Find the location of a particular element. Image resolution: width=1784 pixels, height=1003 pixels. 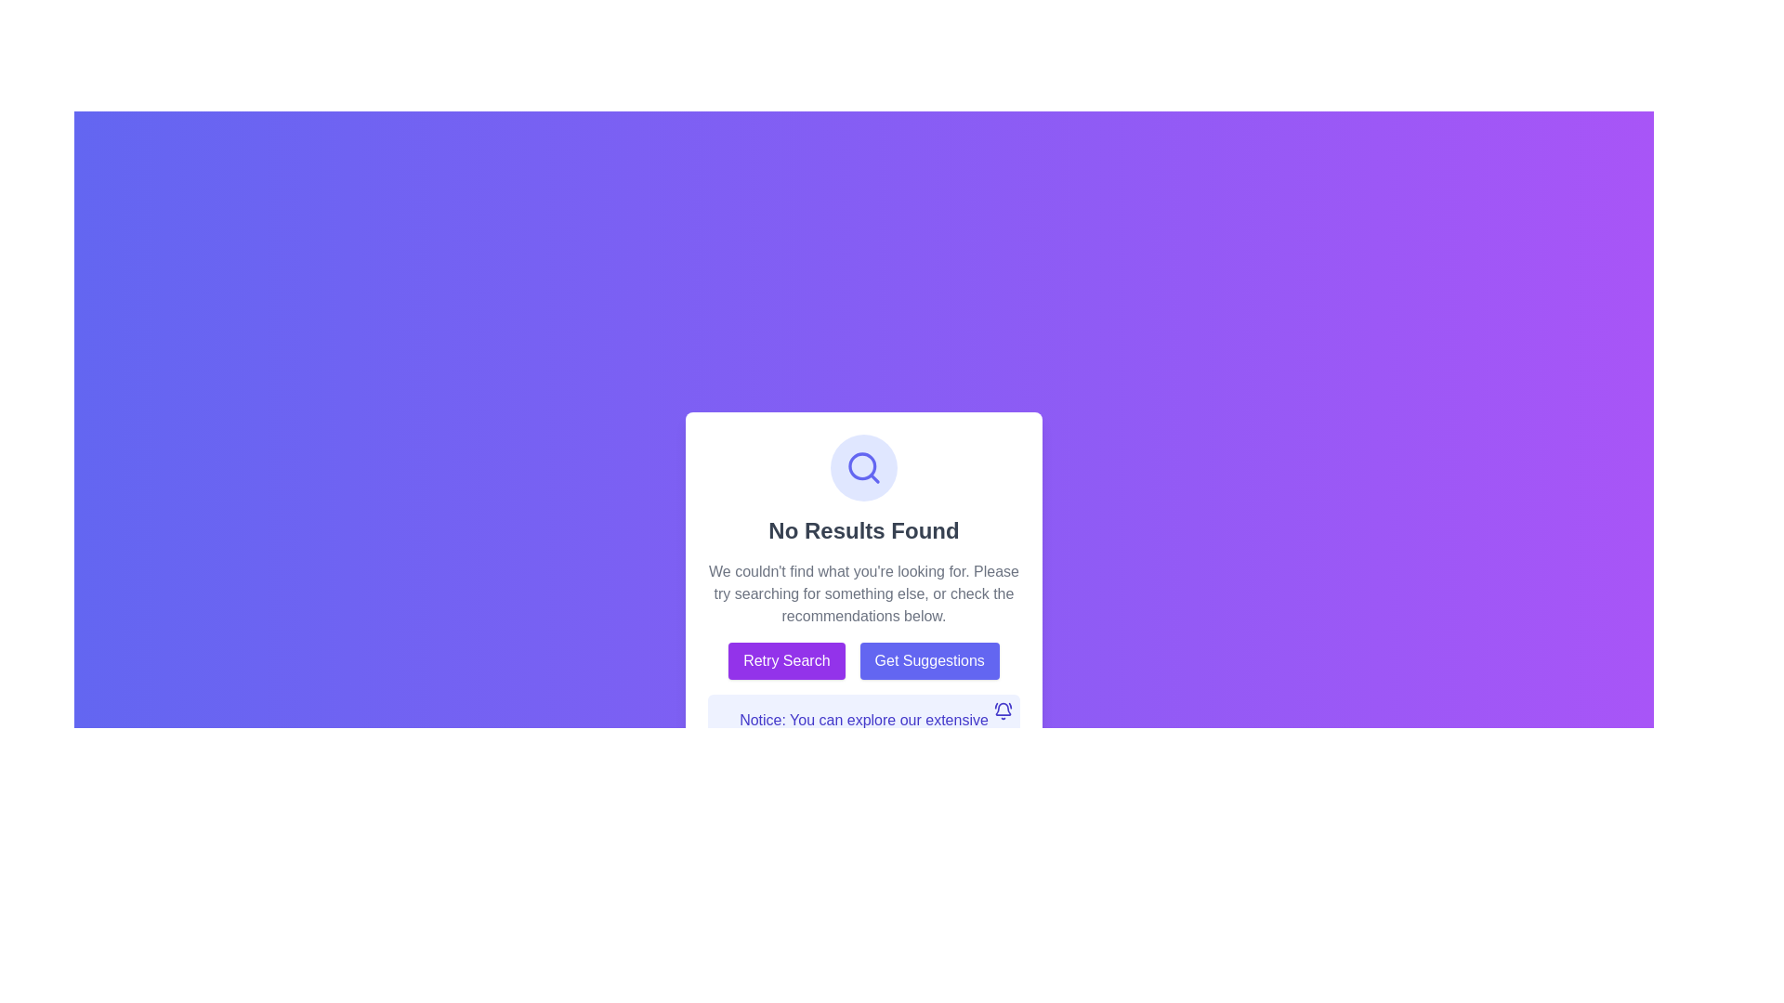

the retry search button located at the bottom section of the central card is located at coordinates (786, 660).